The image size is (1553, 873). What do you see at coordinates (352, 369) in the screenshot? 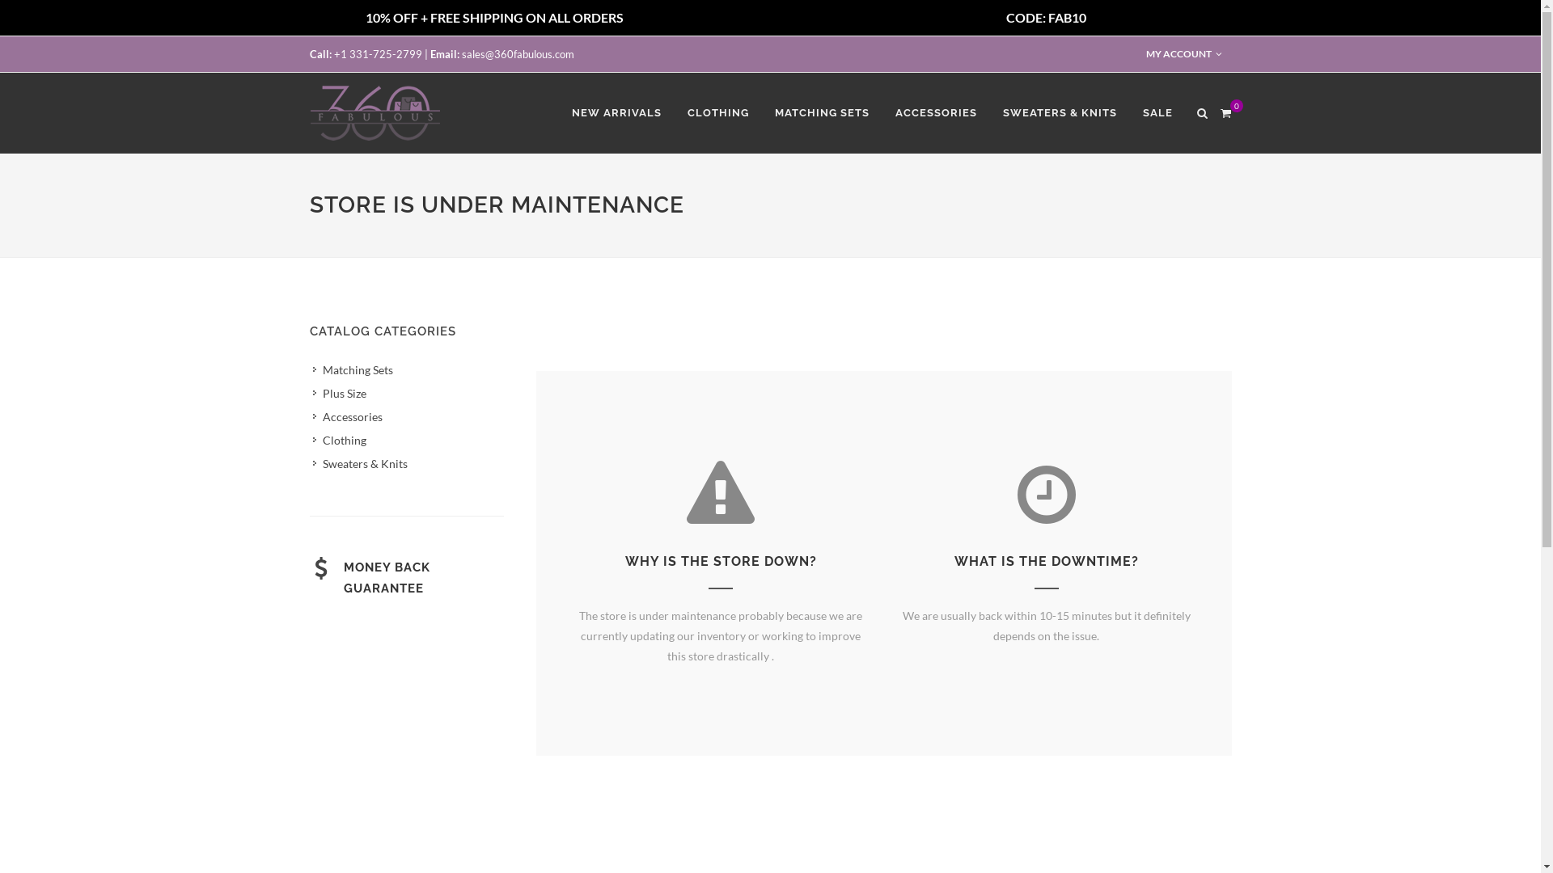
I see `'Matching Sets'` at bounding box center [352, 369].